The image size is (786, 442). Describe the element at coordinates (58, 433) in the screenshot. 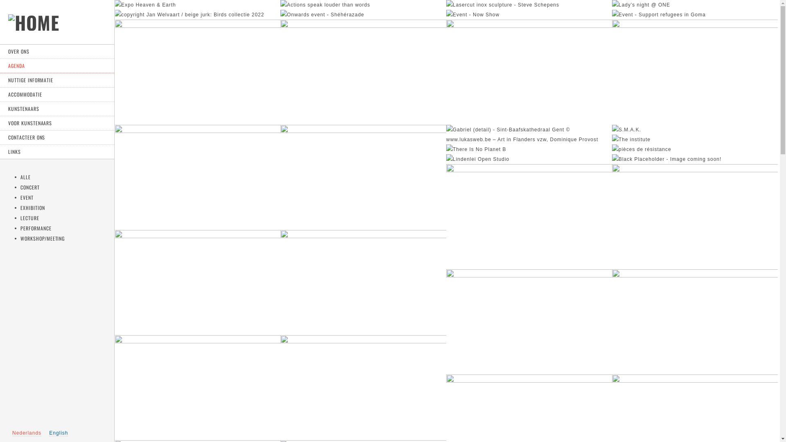

I see `'English'` at that location.